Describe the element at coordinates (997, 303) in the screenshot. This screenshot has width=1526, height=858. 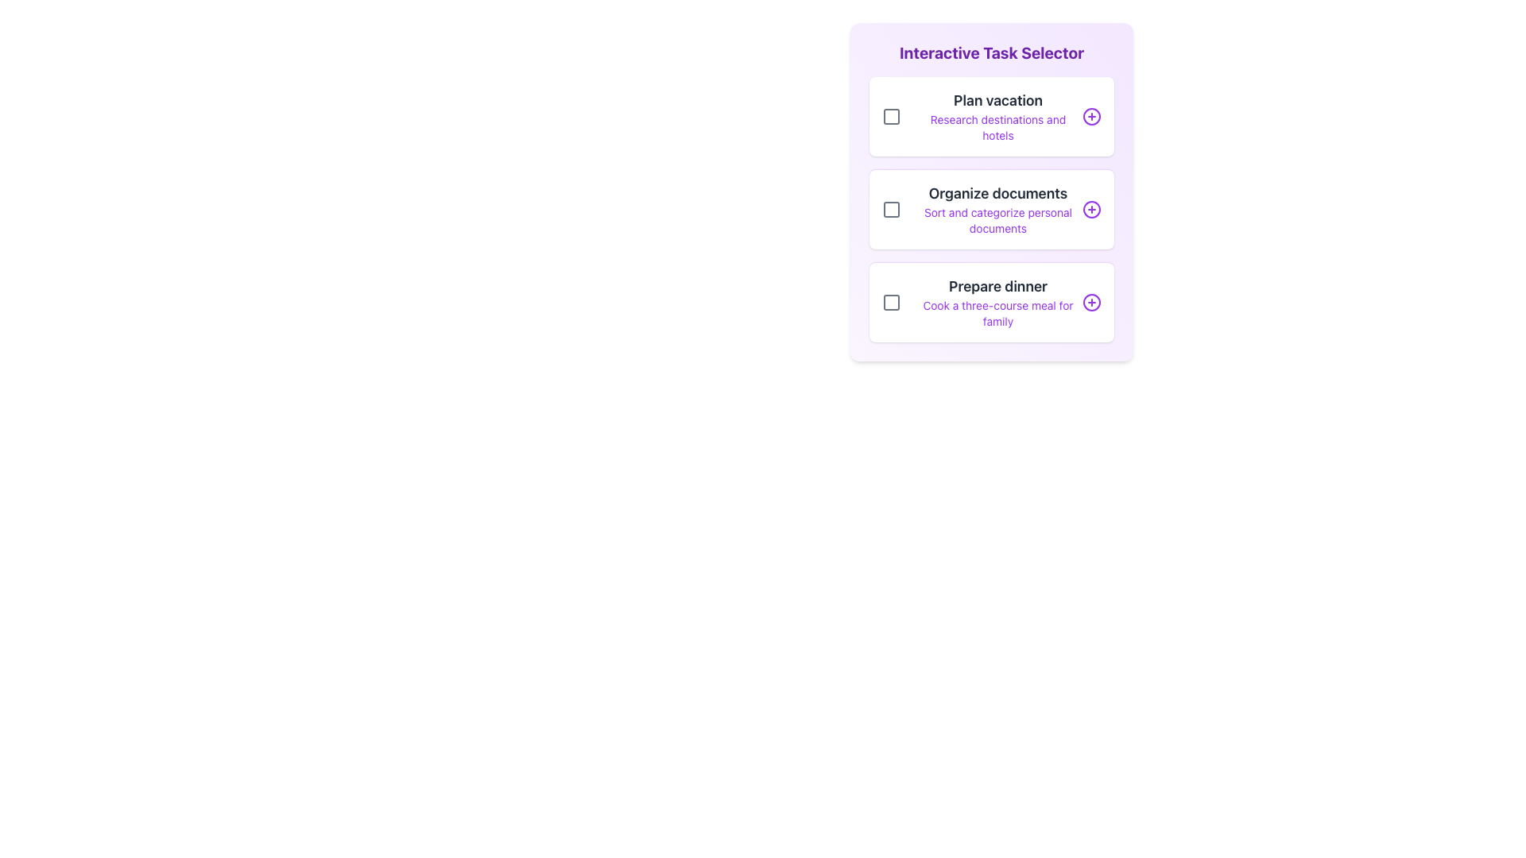
I see `text content from the task description block that includes 'Prepare dinner' and 'Cook a three-course meal for family', which is the third option in the vertical list of task selectors` at that location.